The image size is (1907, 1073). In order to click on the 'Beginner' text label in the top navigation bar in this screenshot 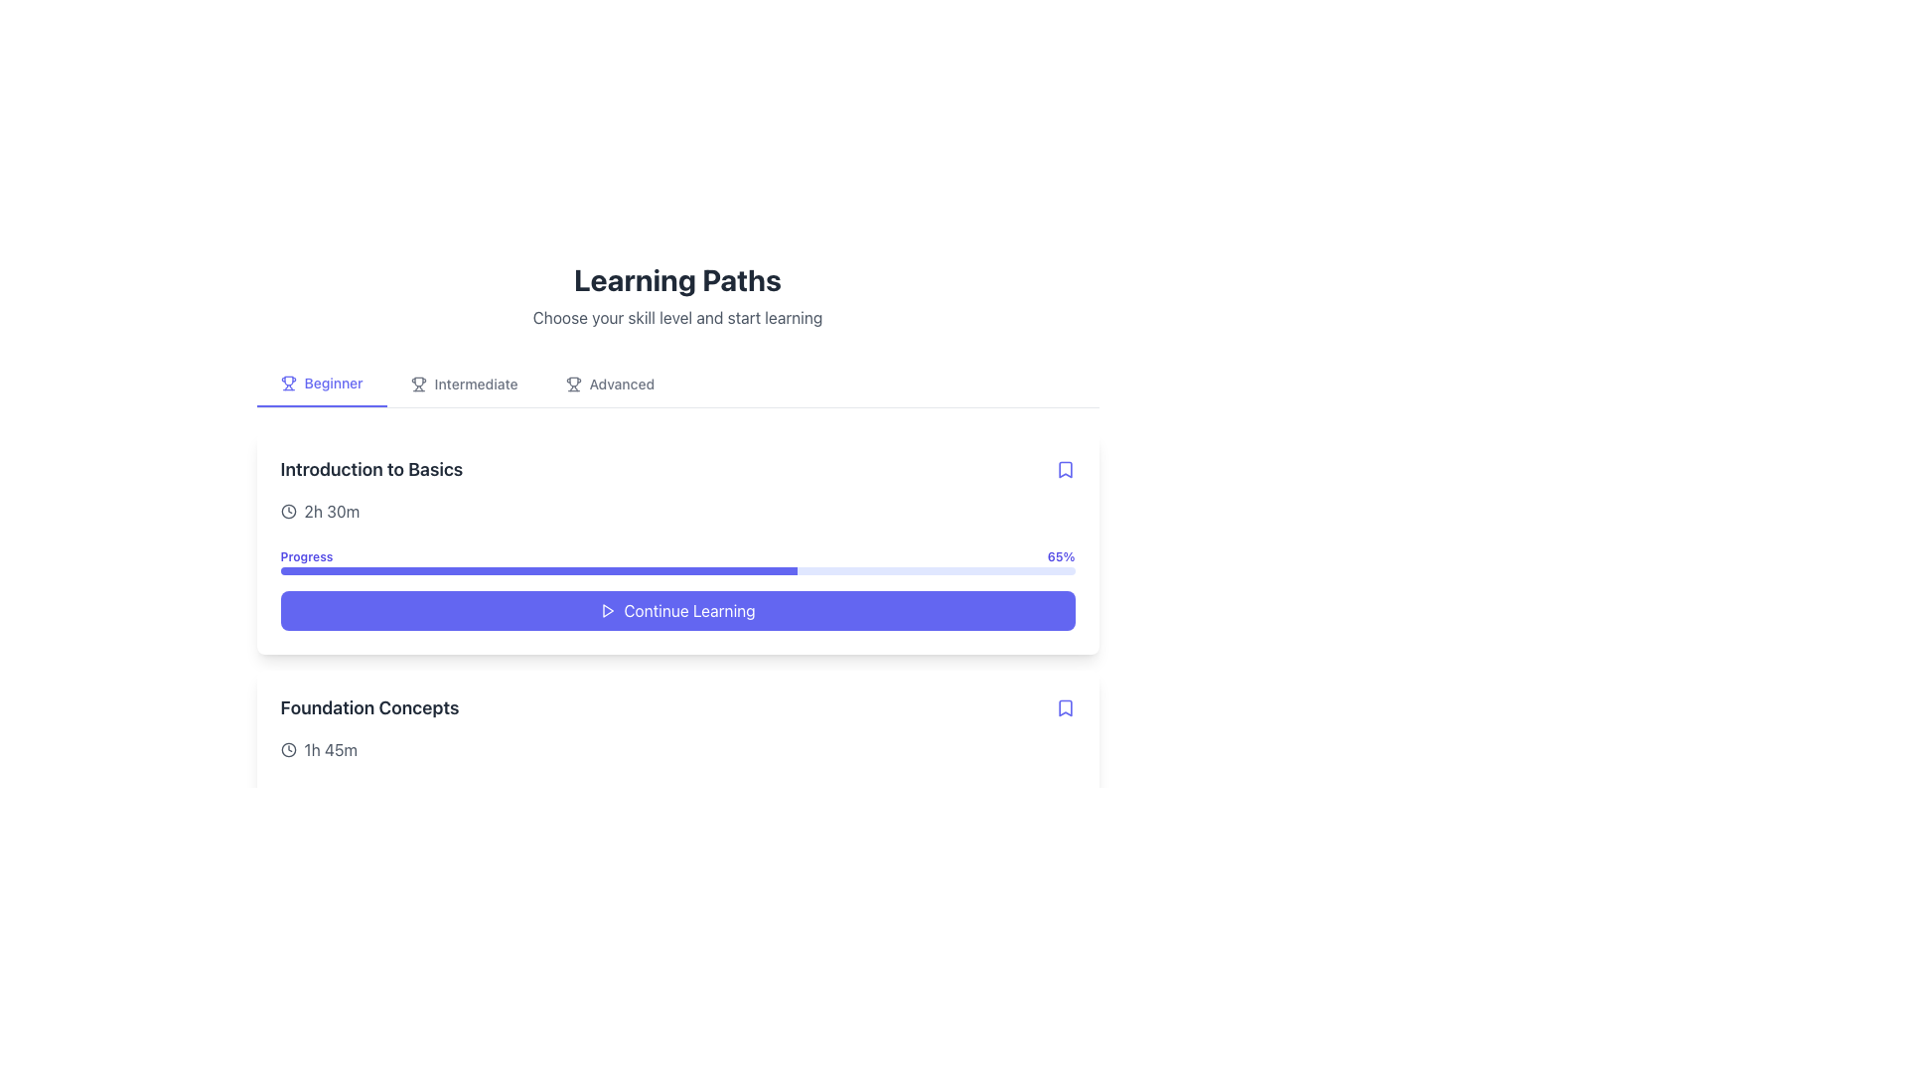, I will do `click(334, 383)`.